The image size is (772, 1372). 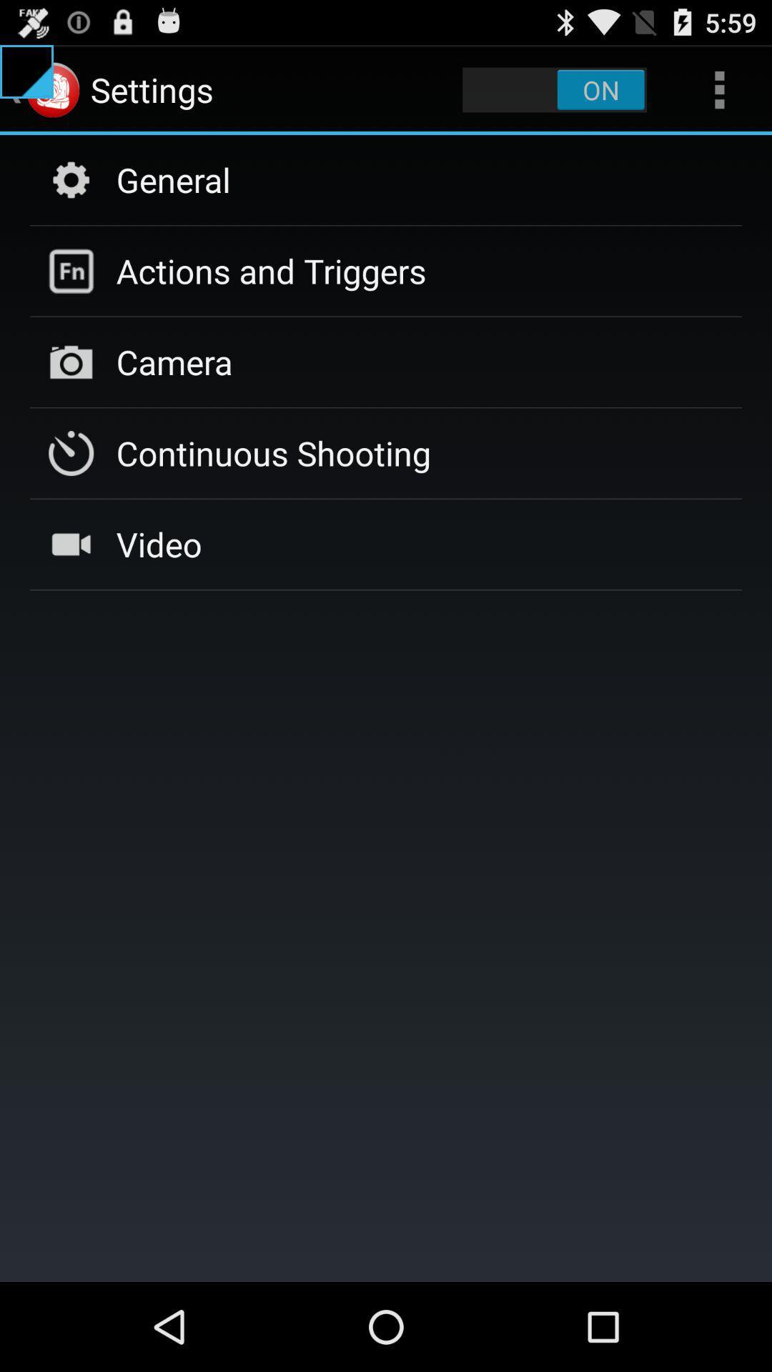 What do you see at coordinates (174, 362) in the screenshot?
I see `camera` at bounding box center [174, 362].